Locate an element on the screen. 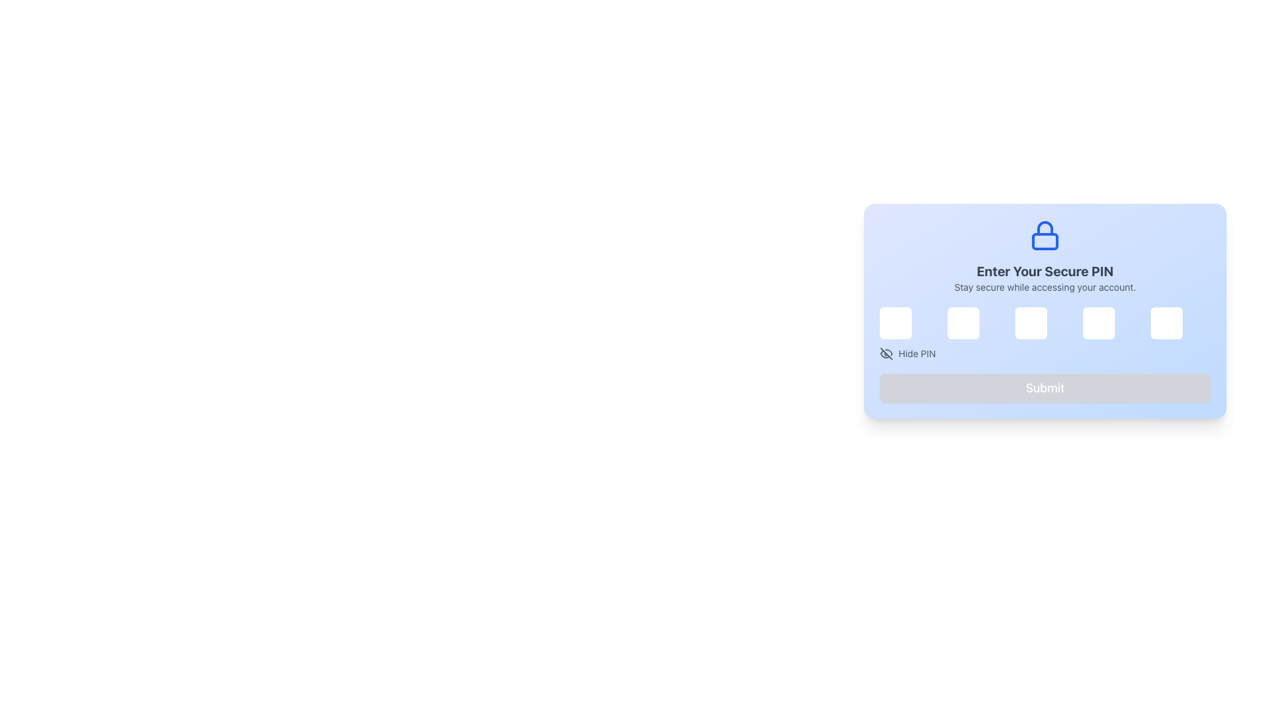 The width and height of the screenshot is (1275, 717). the 'Eye-off' icon that is styled in gray and positioned to the left of the 'Hide PIN' label within the 'Enter Your Secure PIN' card section is located at coordinates (886, 353).